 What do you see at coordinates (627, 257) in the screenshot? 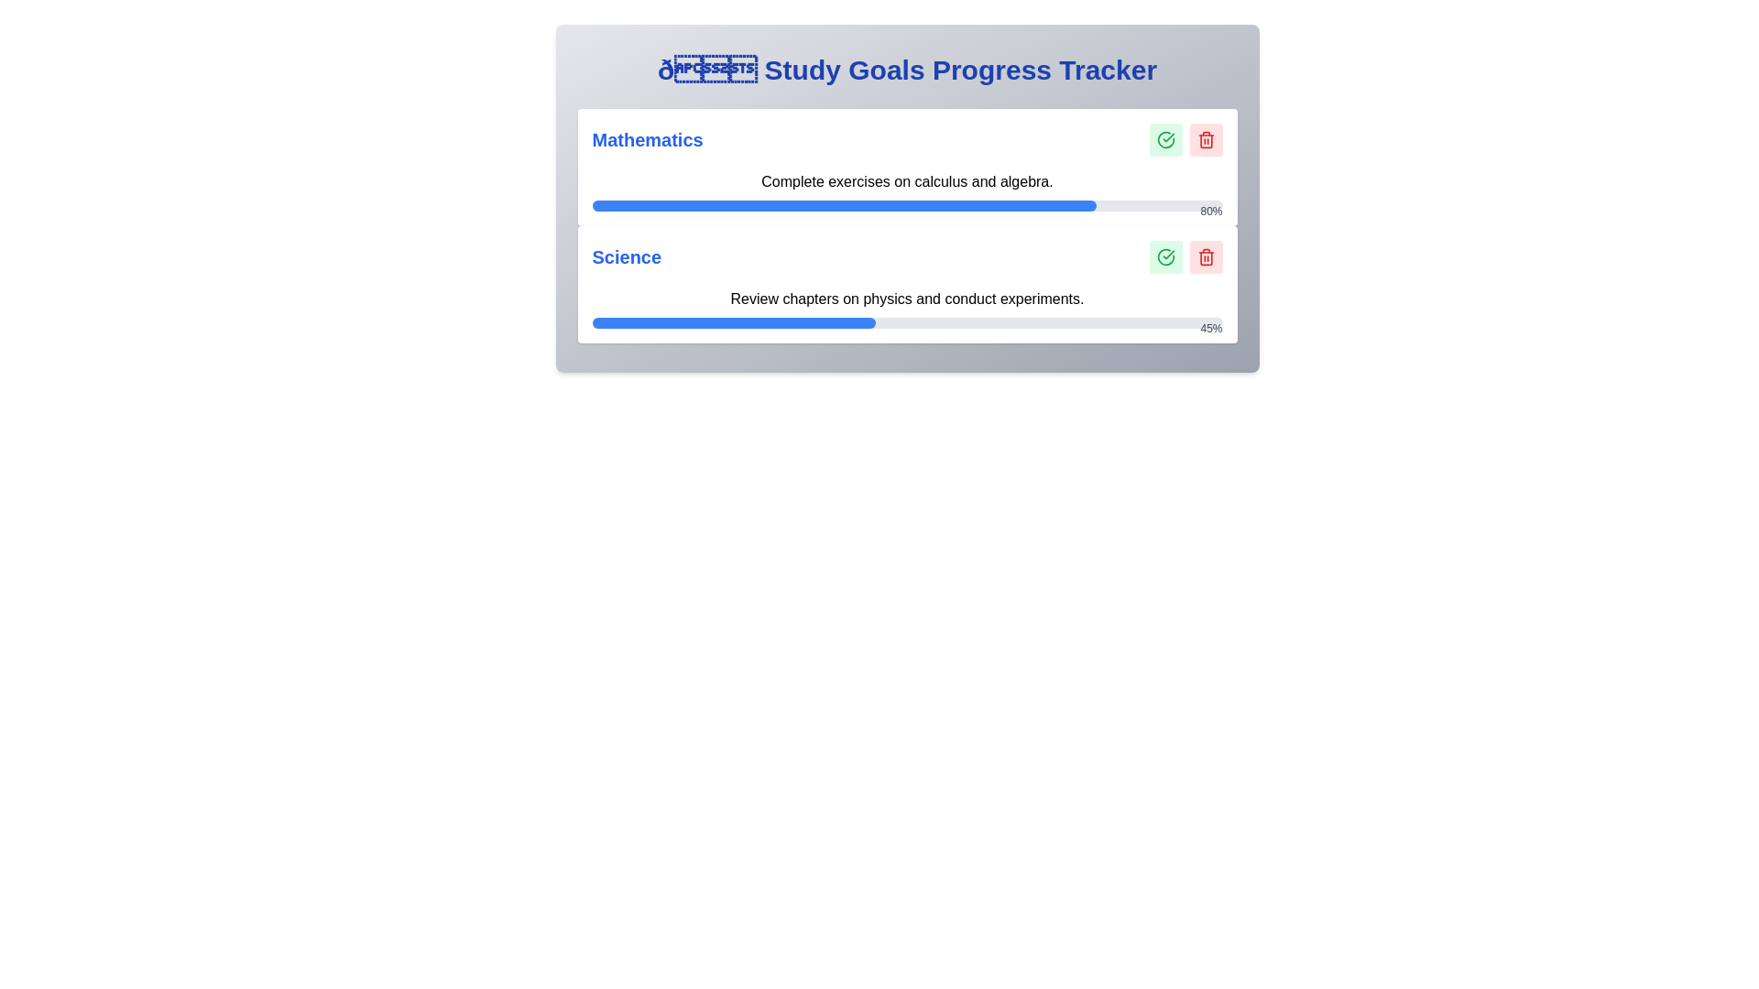
I see `the text label representing the subject name 'Science', which is positioned in the second row of the tracker, aligned to the left adjacent to associated progress text and icons` at bounding box center [627, 257].